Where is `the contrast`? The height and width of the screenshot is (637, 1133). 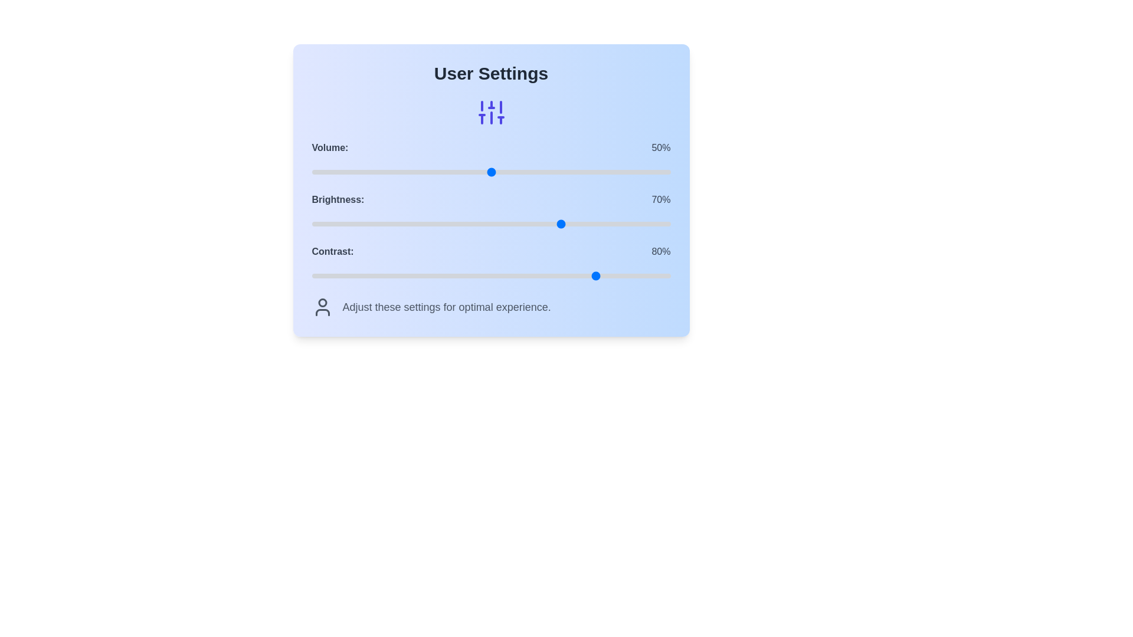 the contrast is located at coordinates (469, 275).